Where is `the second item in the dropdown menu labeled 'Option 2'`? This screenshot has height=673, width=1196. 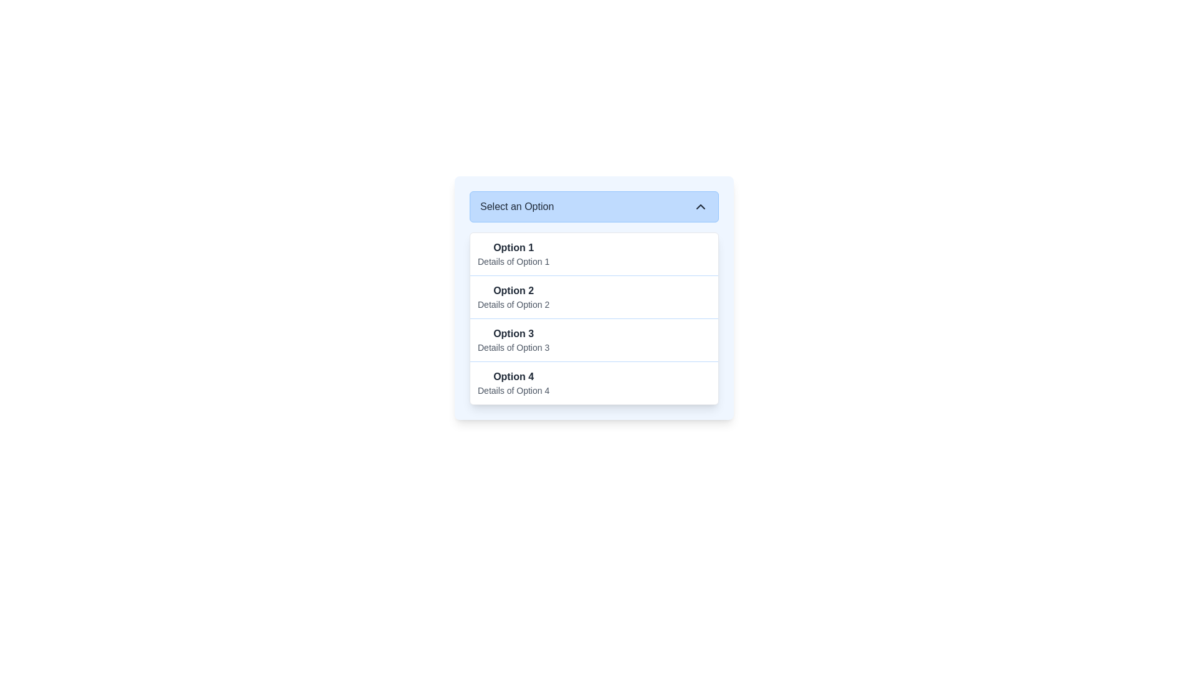
the second item in the dropdown menu labeled 'Option 2' is located at coordinates (513, 297).